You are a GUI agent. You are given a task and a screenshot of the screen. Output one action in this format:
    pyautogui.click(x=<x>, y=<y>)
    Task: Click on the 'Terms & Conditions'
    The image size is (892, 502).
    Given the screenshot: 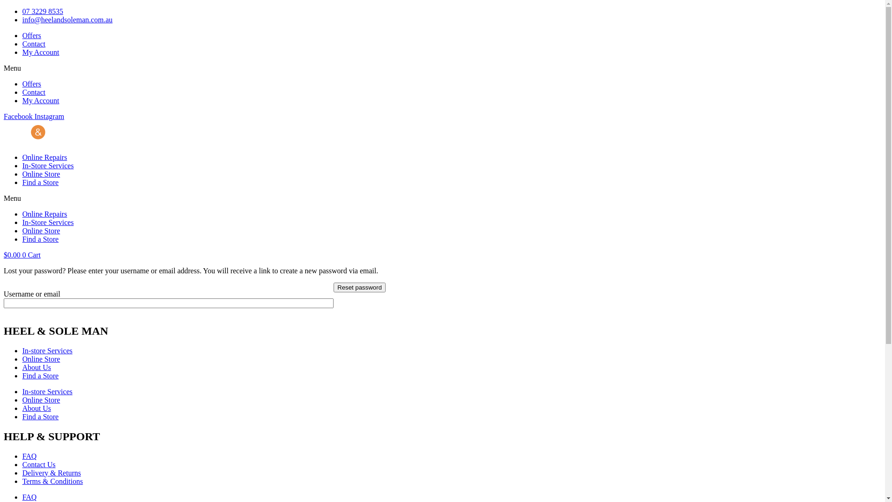 What is the action you would take?
    pyautogui.click(x=52, y=481)
    